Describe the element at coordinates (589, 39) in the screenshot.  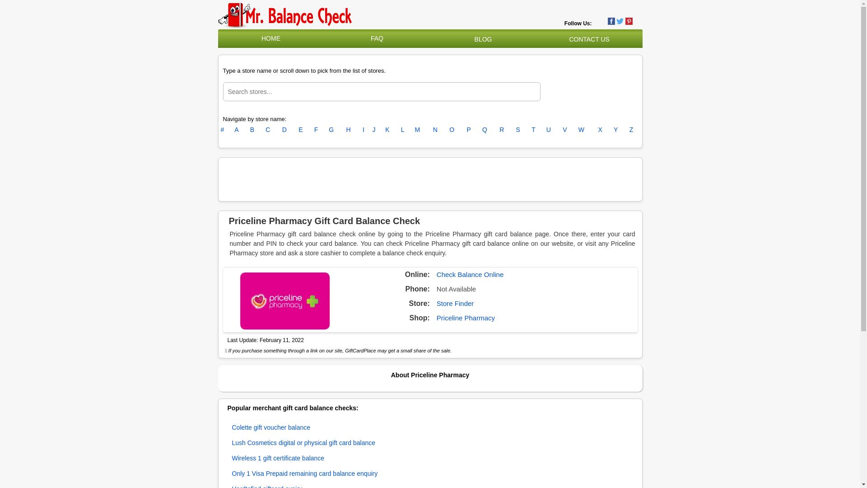
I see `'CONTACT US'` at that location.